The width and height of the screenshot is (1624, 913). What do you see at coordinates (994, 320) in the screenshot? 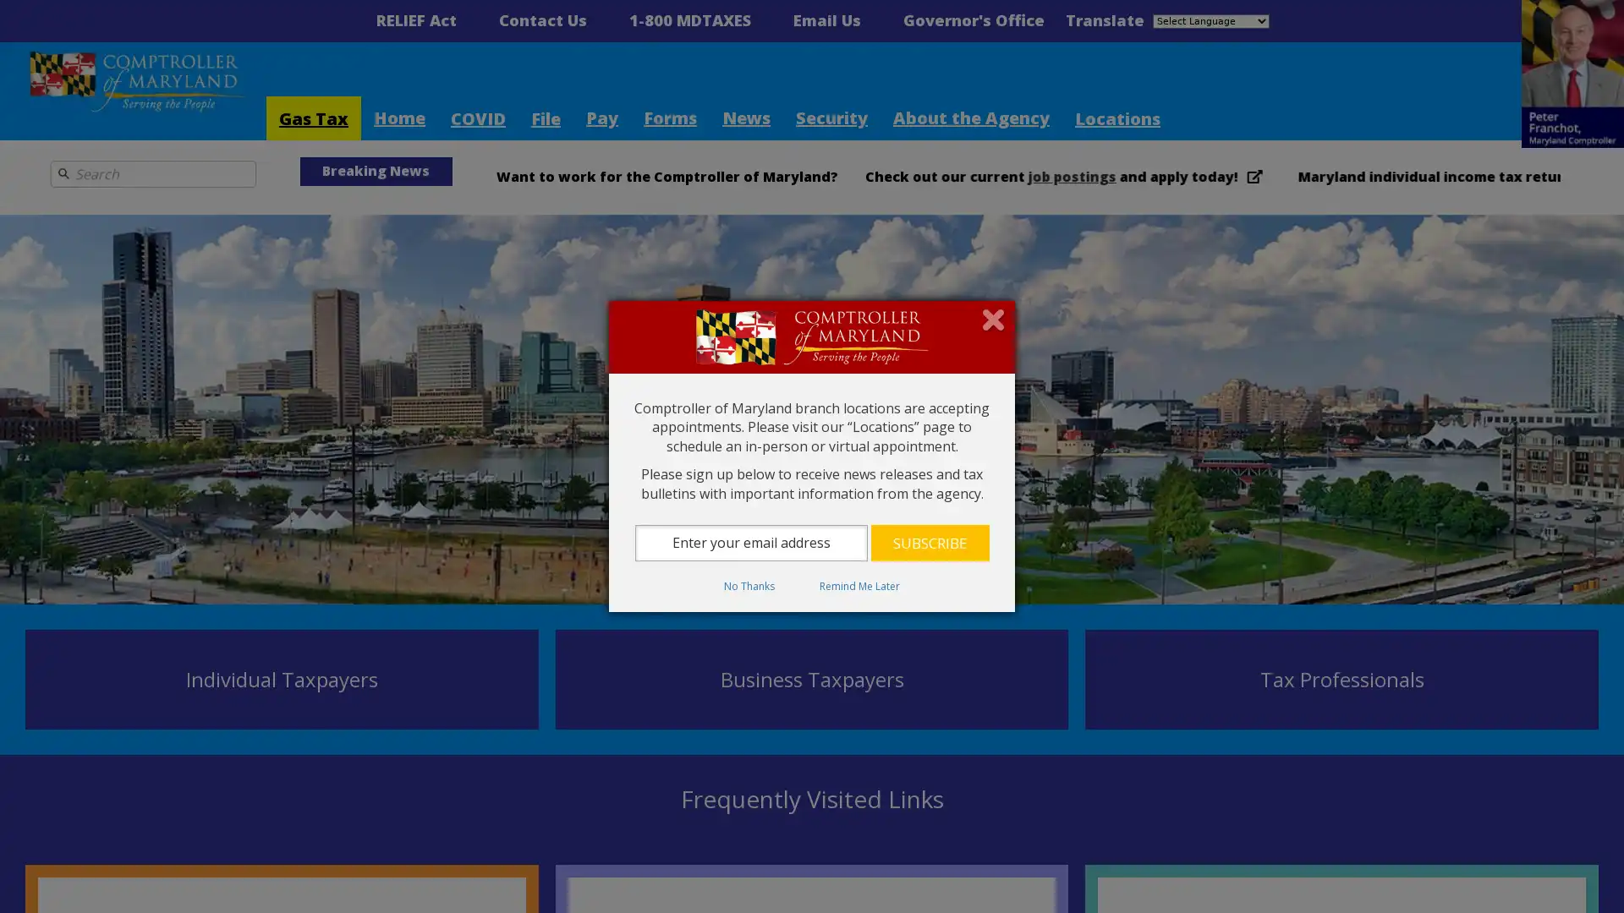
I see `Close subscription dialog` at bounding box center [994, 320].